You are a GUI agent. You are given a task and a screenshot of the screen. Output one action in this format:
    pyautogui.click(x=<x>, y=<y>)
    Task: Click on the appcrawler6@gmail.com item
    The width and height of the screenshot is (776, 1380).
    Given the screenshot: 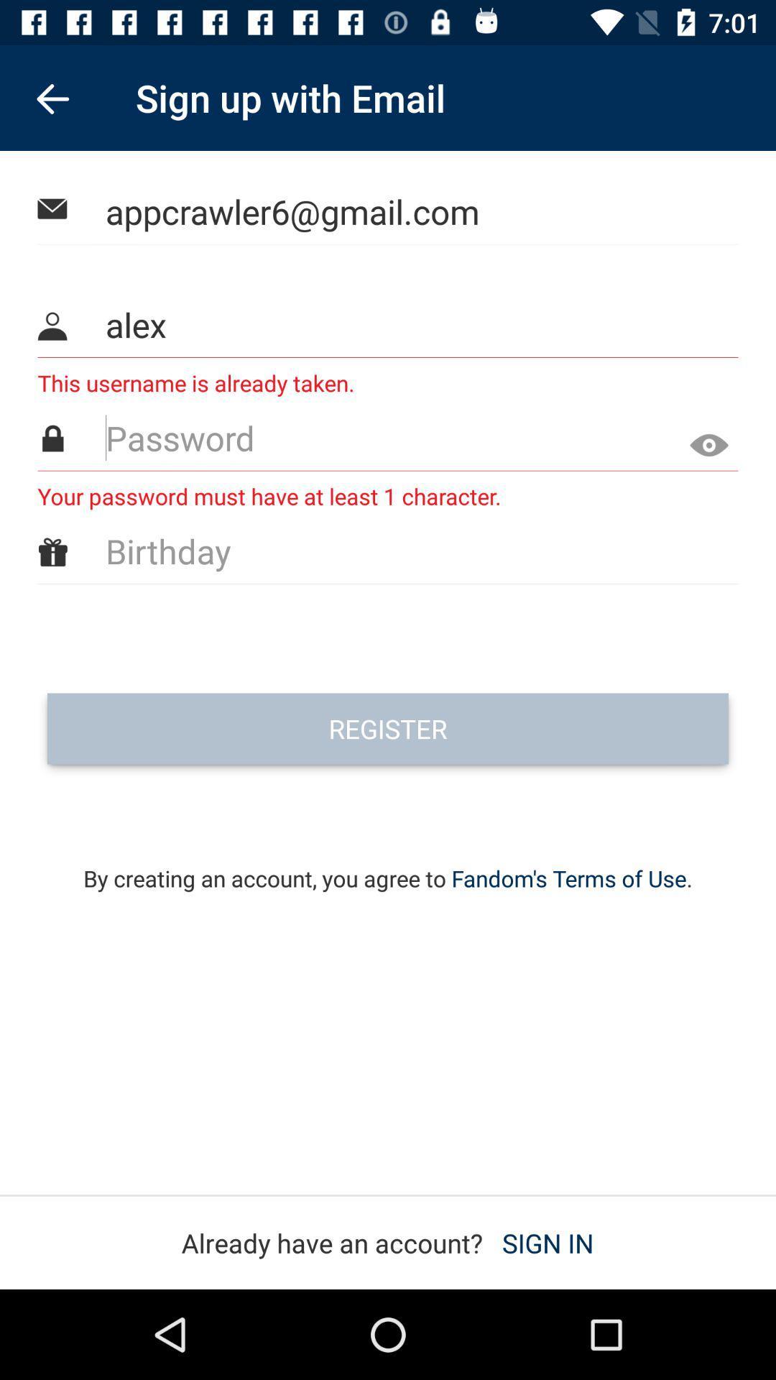 What is the action you would take?
    pyautogui.click(x=389, y=211)
    